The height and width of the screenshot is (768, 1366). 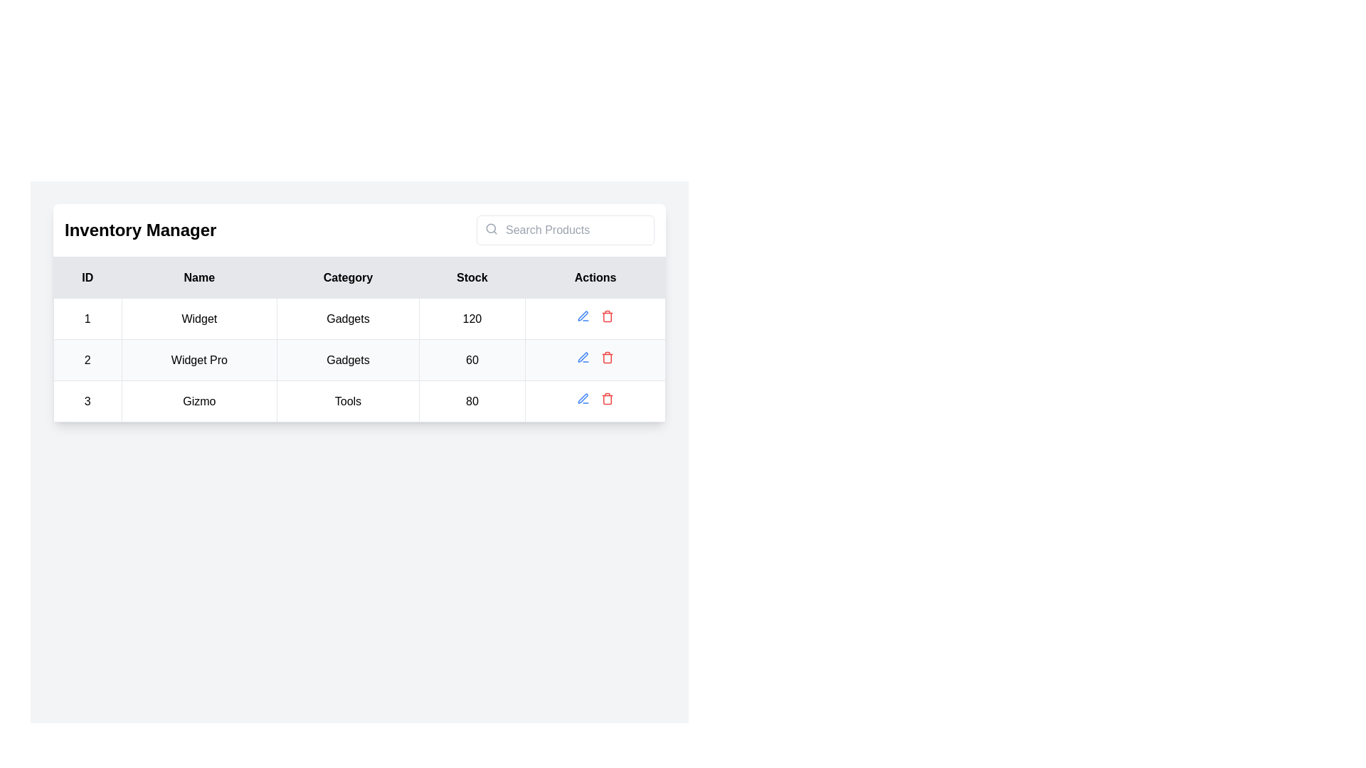 I want to click on the 'Category' column header of the table, which is the third column header located between the 'Name' and 'Stock' column headers, so click(x=359, y=277).